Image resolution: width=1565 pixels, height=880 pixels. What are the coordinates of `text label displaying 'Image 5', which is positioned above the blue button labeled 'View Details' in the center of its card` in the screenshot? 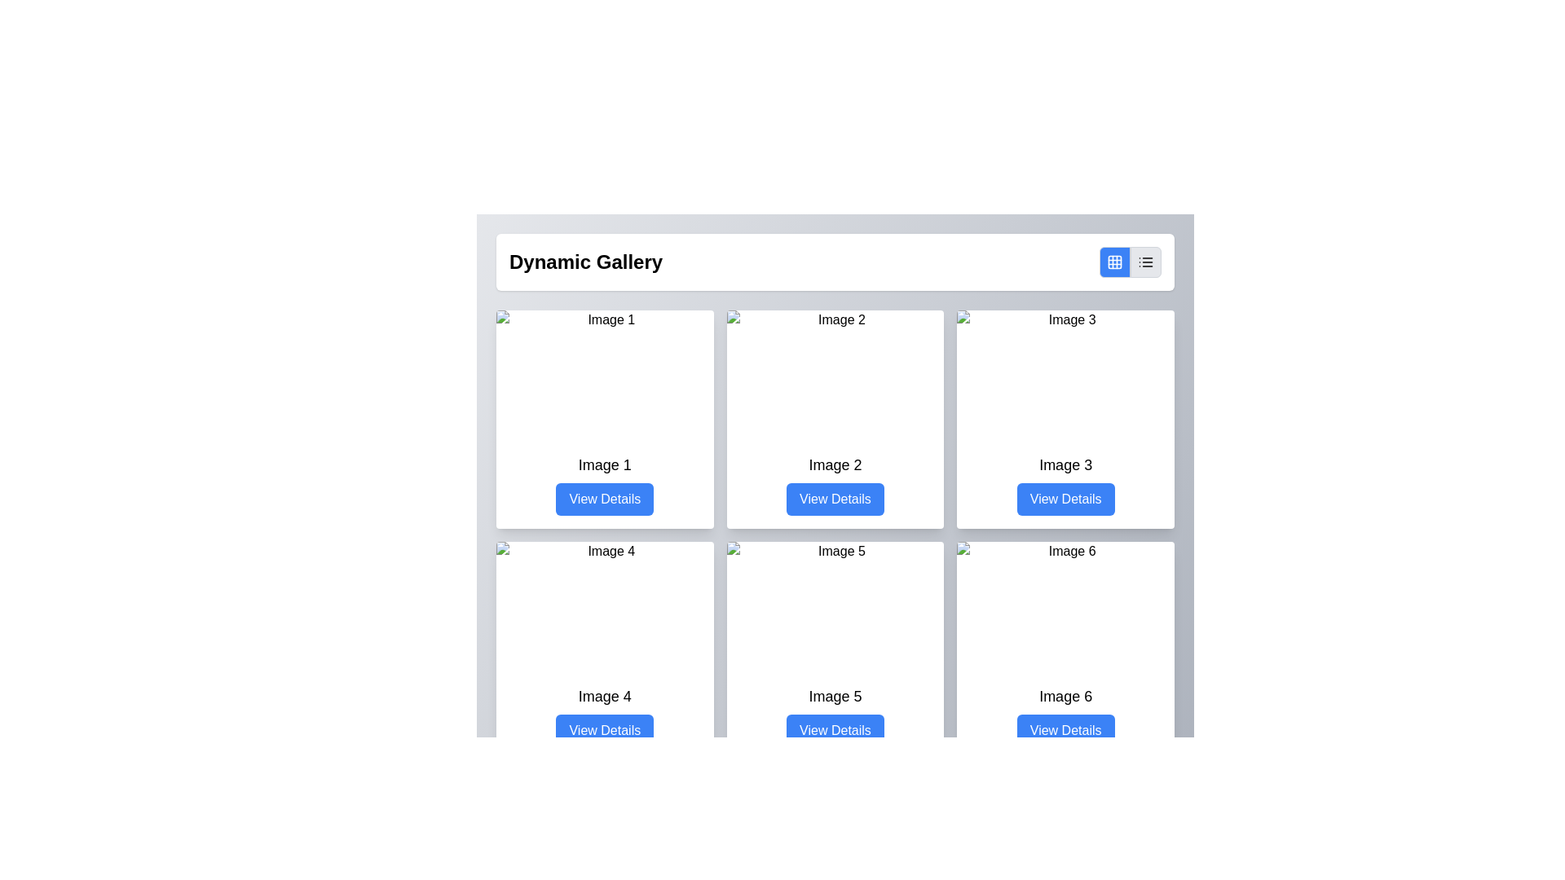 It's located at (835, 697).